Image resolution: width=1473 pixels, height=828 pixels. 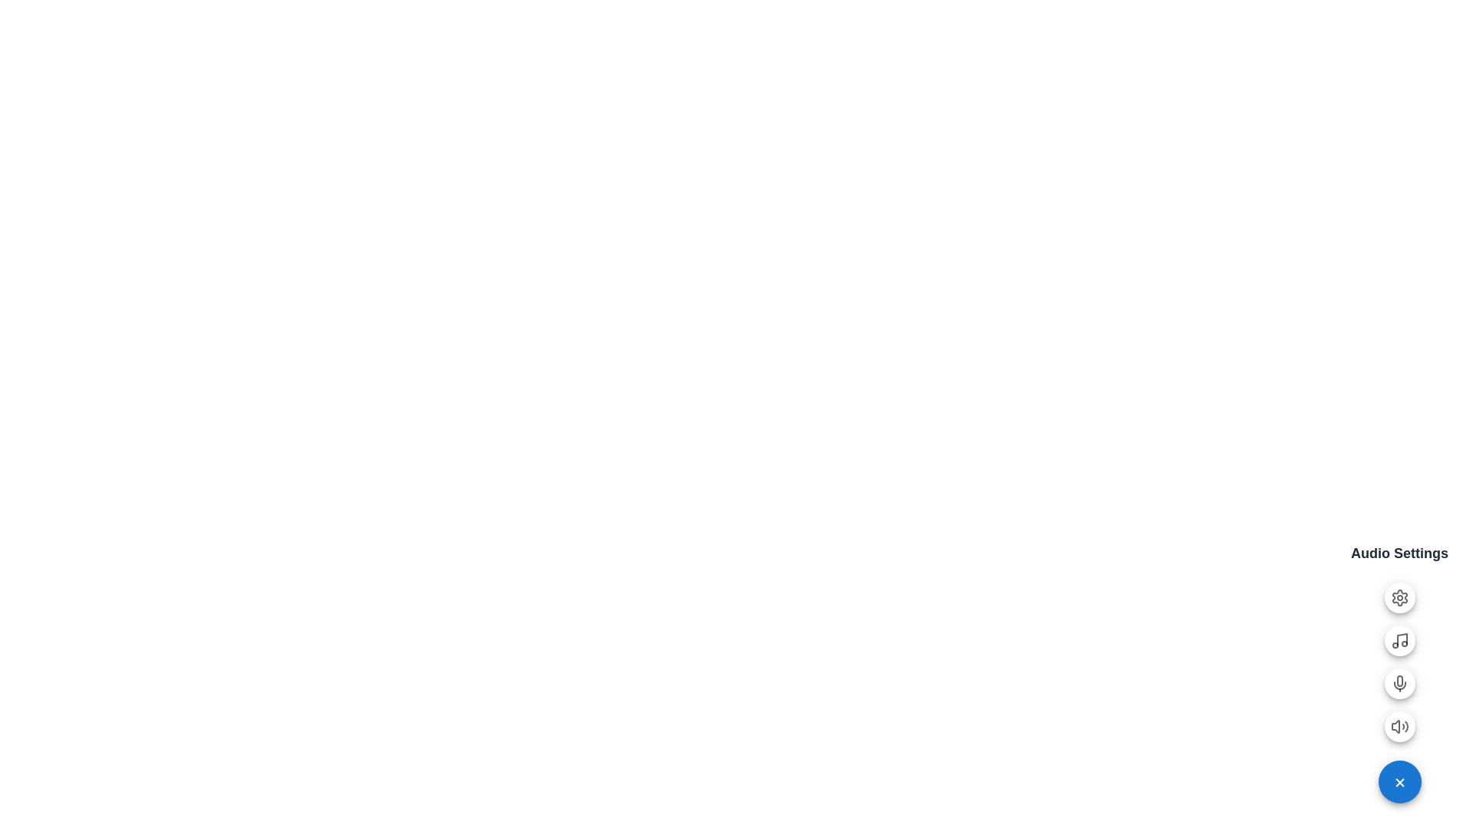 What do you see at coordinates (1399, 641) in the screenshot?
I see `the 'Music Equalizer: Edit Audio' button located in the vertical menu on the right side of the interface, which is the third button from the top` at bounding box center [1399, 641].